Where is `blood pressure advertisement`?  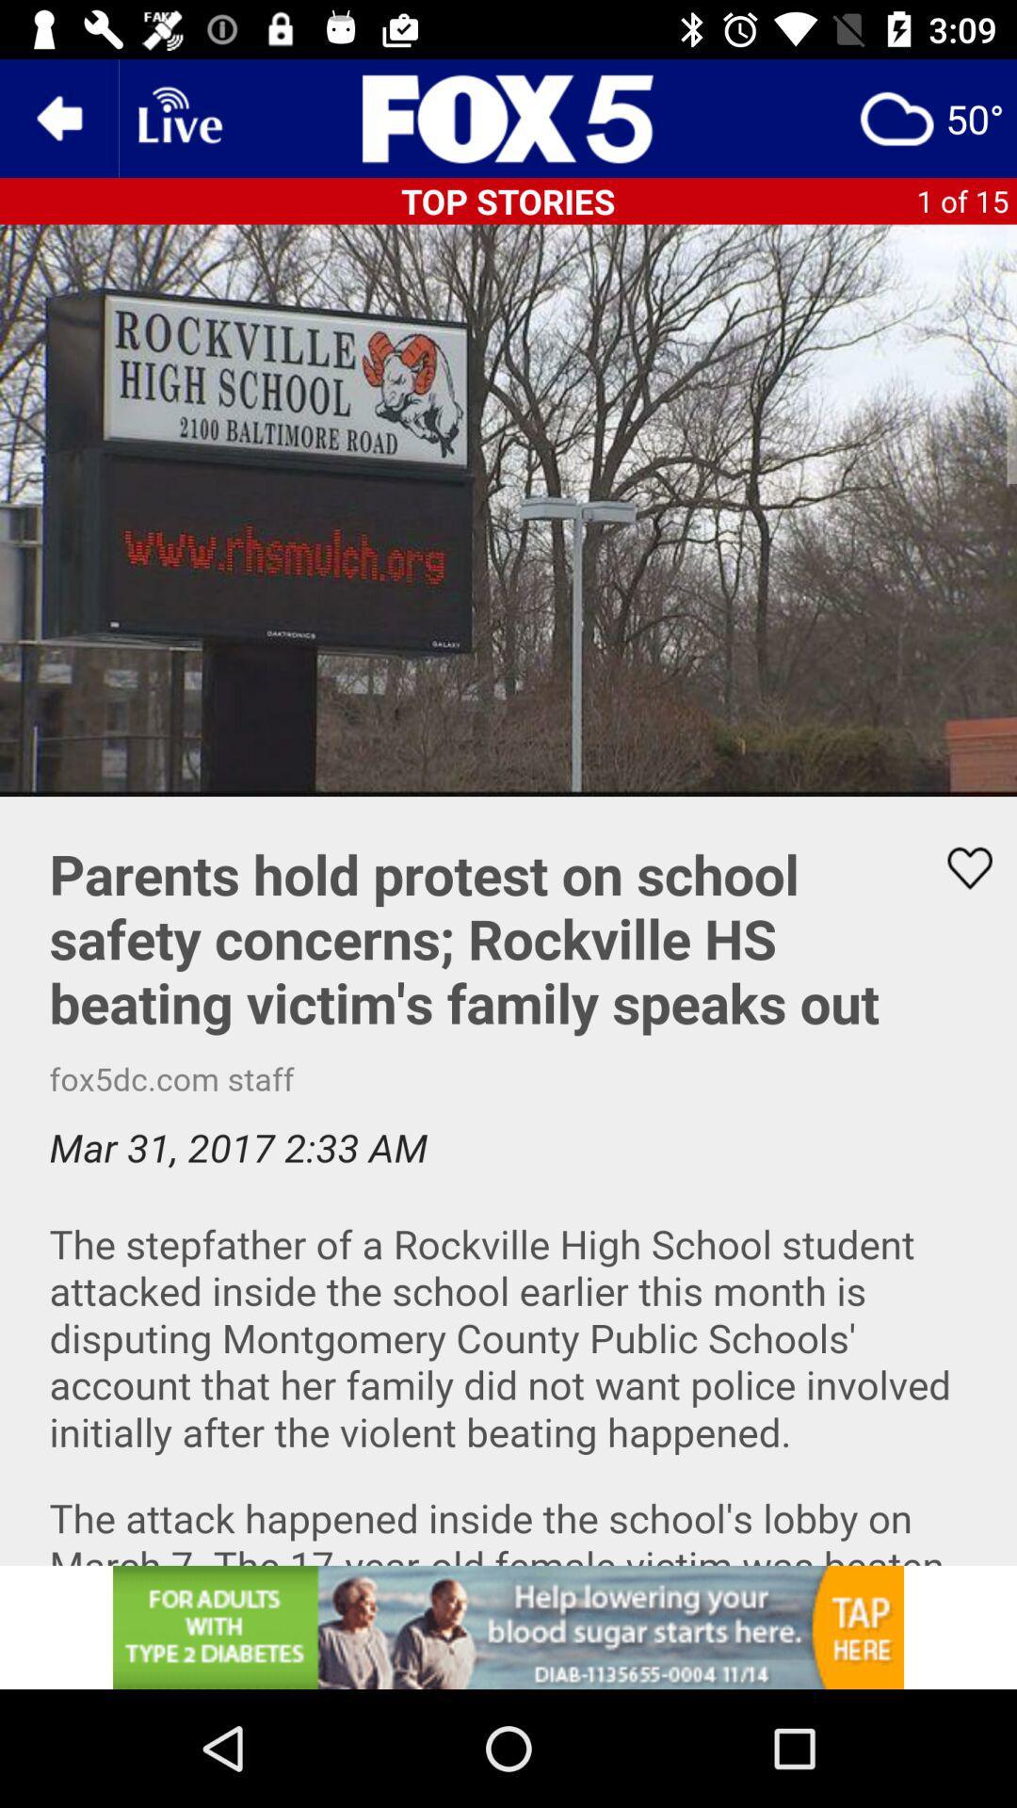 blood pressure advertisement is located at coordinates (508, 1626).